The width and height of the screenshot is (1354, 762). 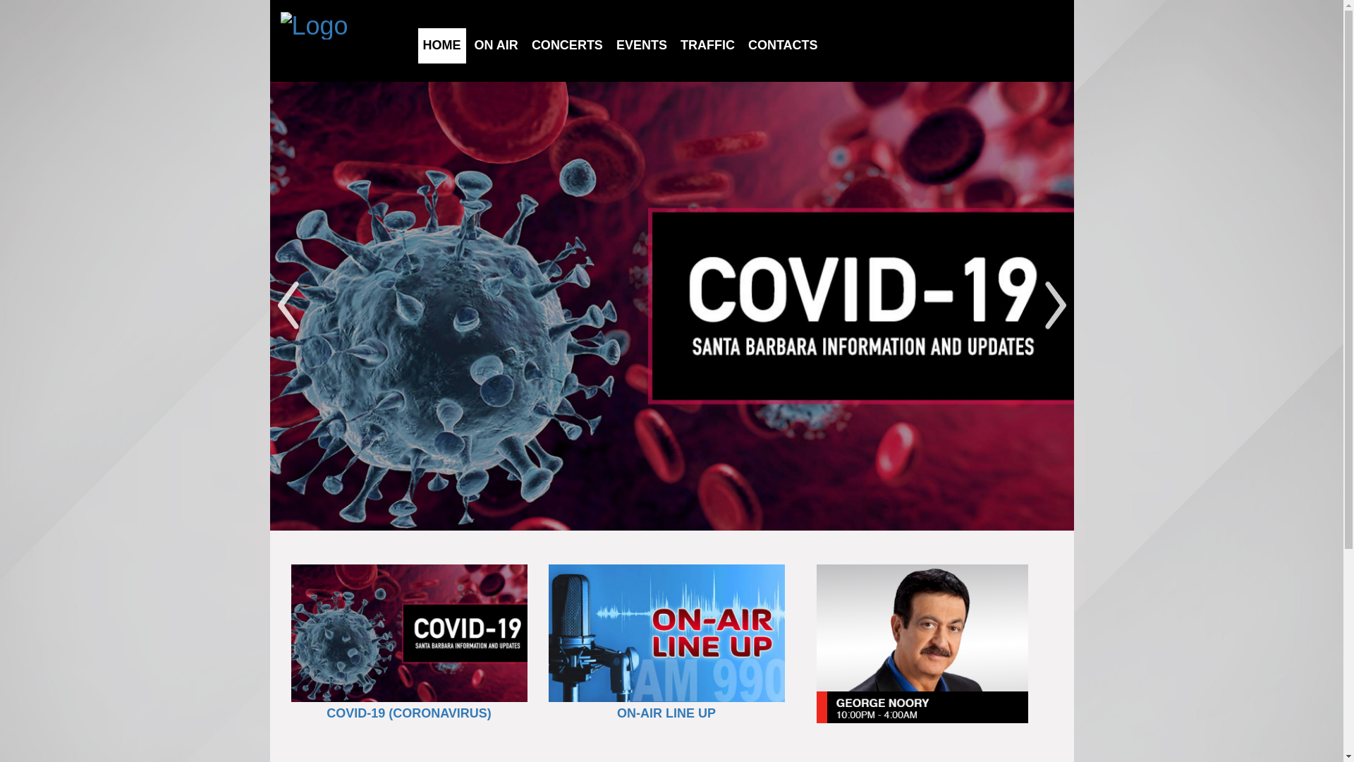 I want to click on 'Next', so click(x=1055, y=306).